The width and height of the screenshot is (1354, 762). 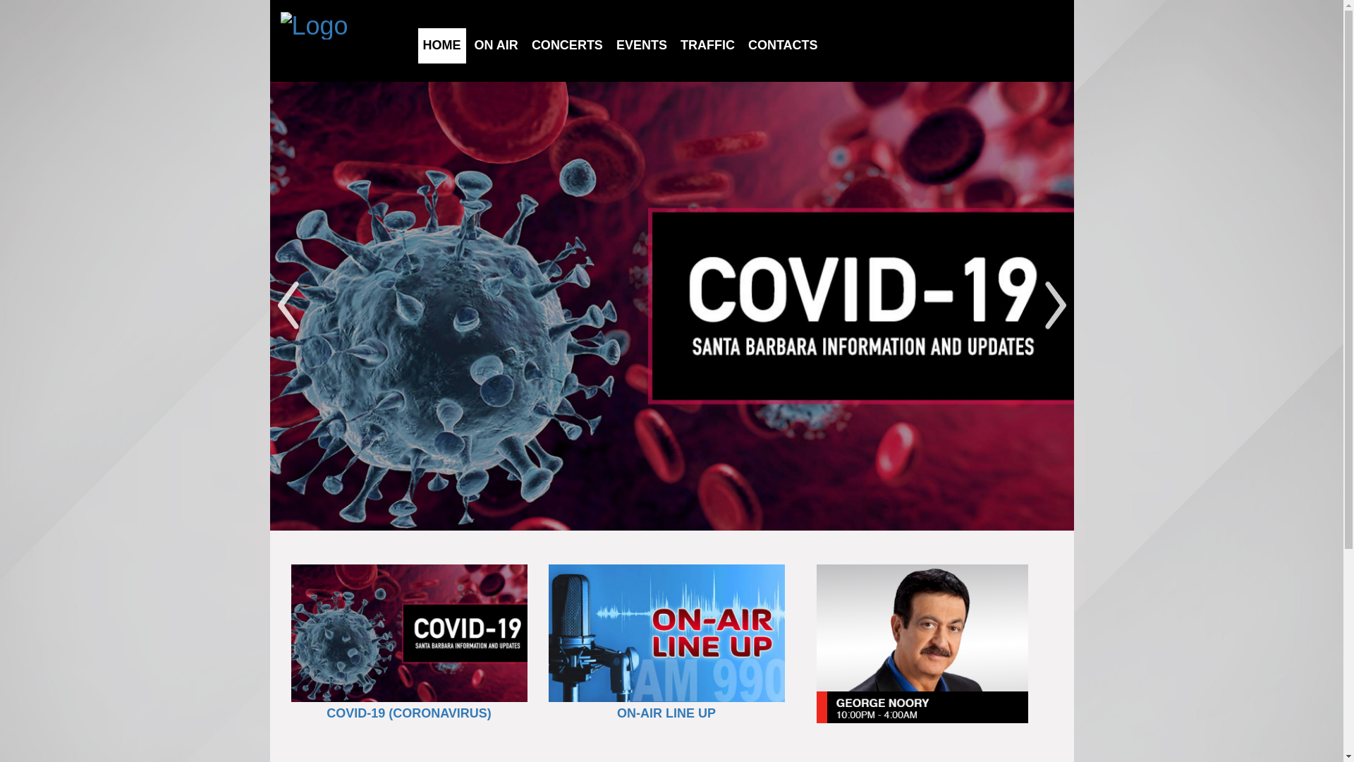 I want to click on 'Next', so click(x=1055, y=306).